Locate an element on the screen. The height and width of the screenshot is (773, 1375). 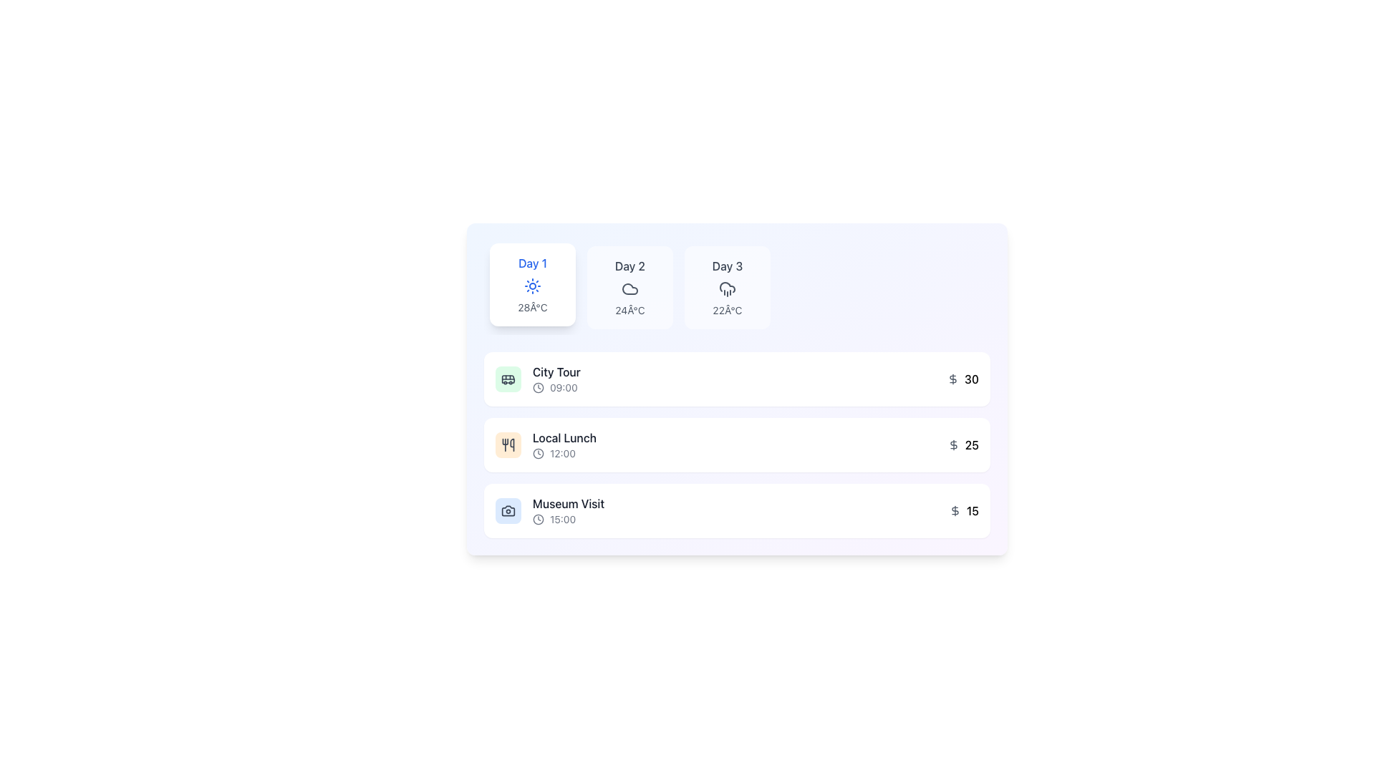
the icon and text grouping that indicates the time for the 'Museum Visit' activity located in the bottom right corner of the corresponding list item is located at coordinates (568, 519).